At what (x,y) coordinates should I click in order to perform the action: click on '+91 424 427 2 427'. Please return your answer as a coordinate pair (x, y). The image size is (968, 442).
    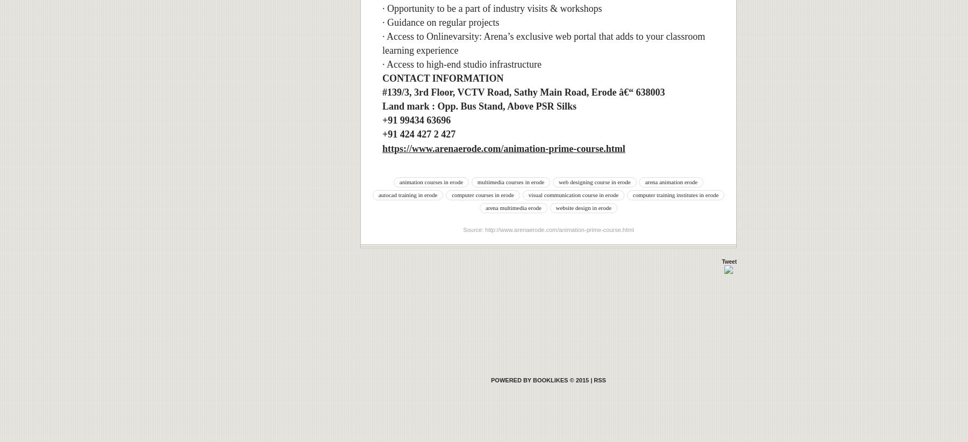
    Looking at the image, I should click on (418, 134).